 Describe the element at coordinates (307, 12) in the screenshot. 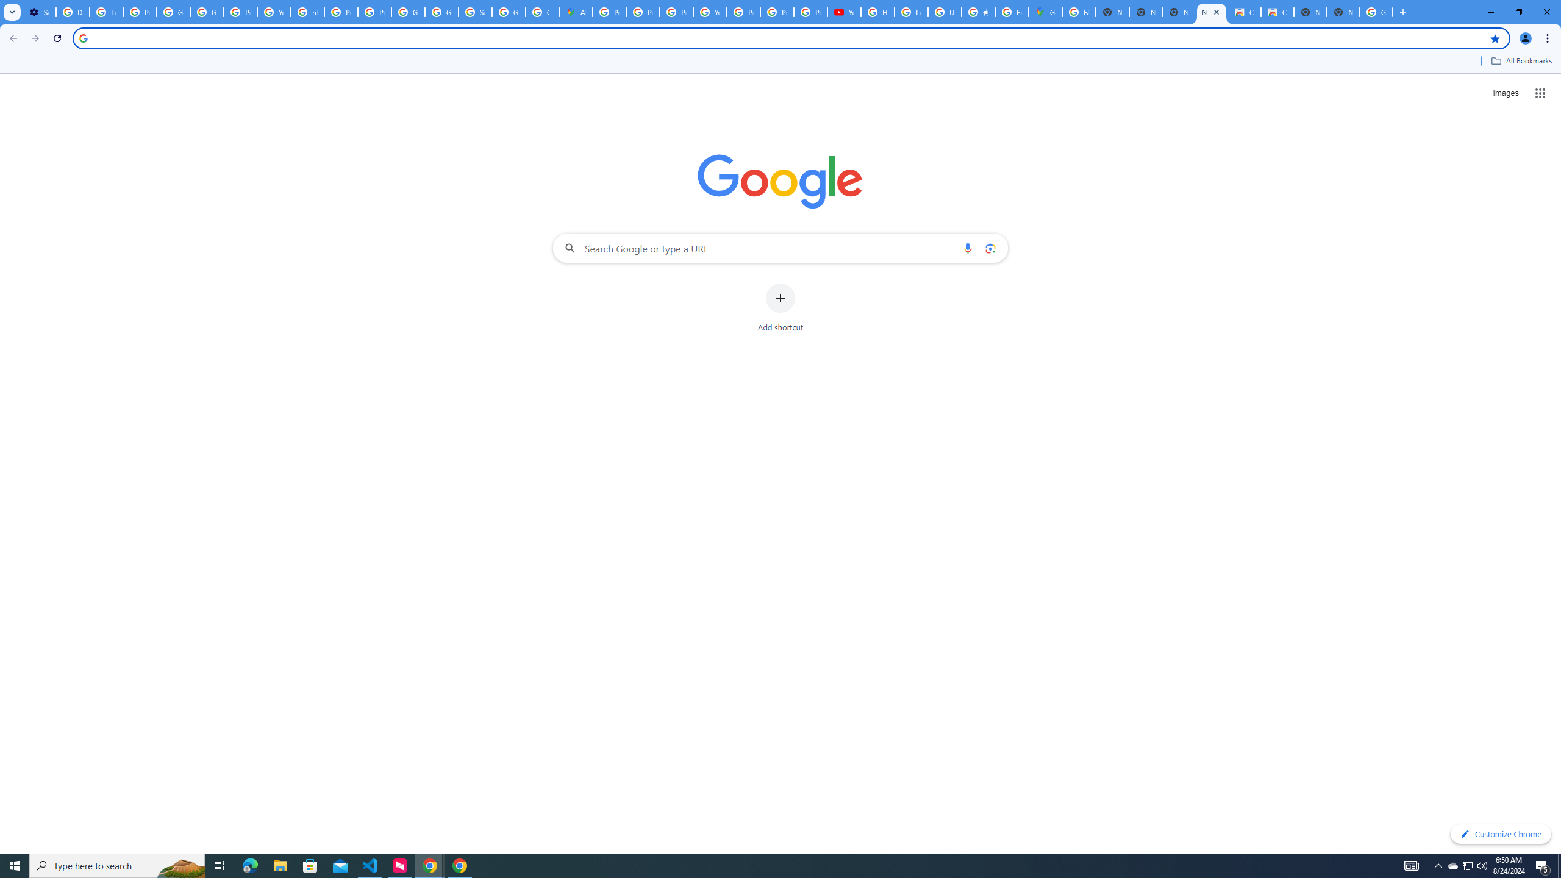

I see `'https://scholar.google.com/'` at that location.